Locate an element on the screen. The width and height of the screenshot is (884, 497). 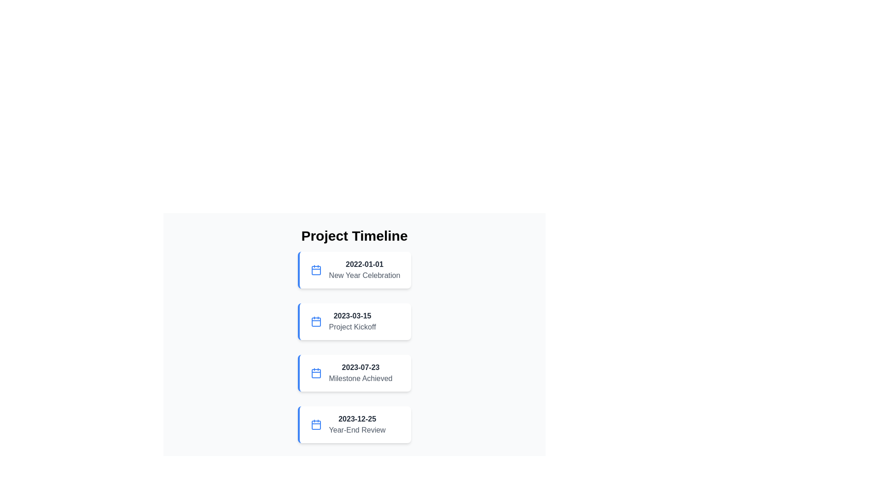
the event card displaying '2023-03-15 Project Kickoff', which is the second entry in the vertical list of event cards is located at coordinates (355, 321).